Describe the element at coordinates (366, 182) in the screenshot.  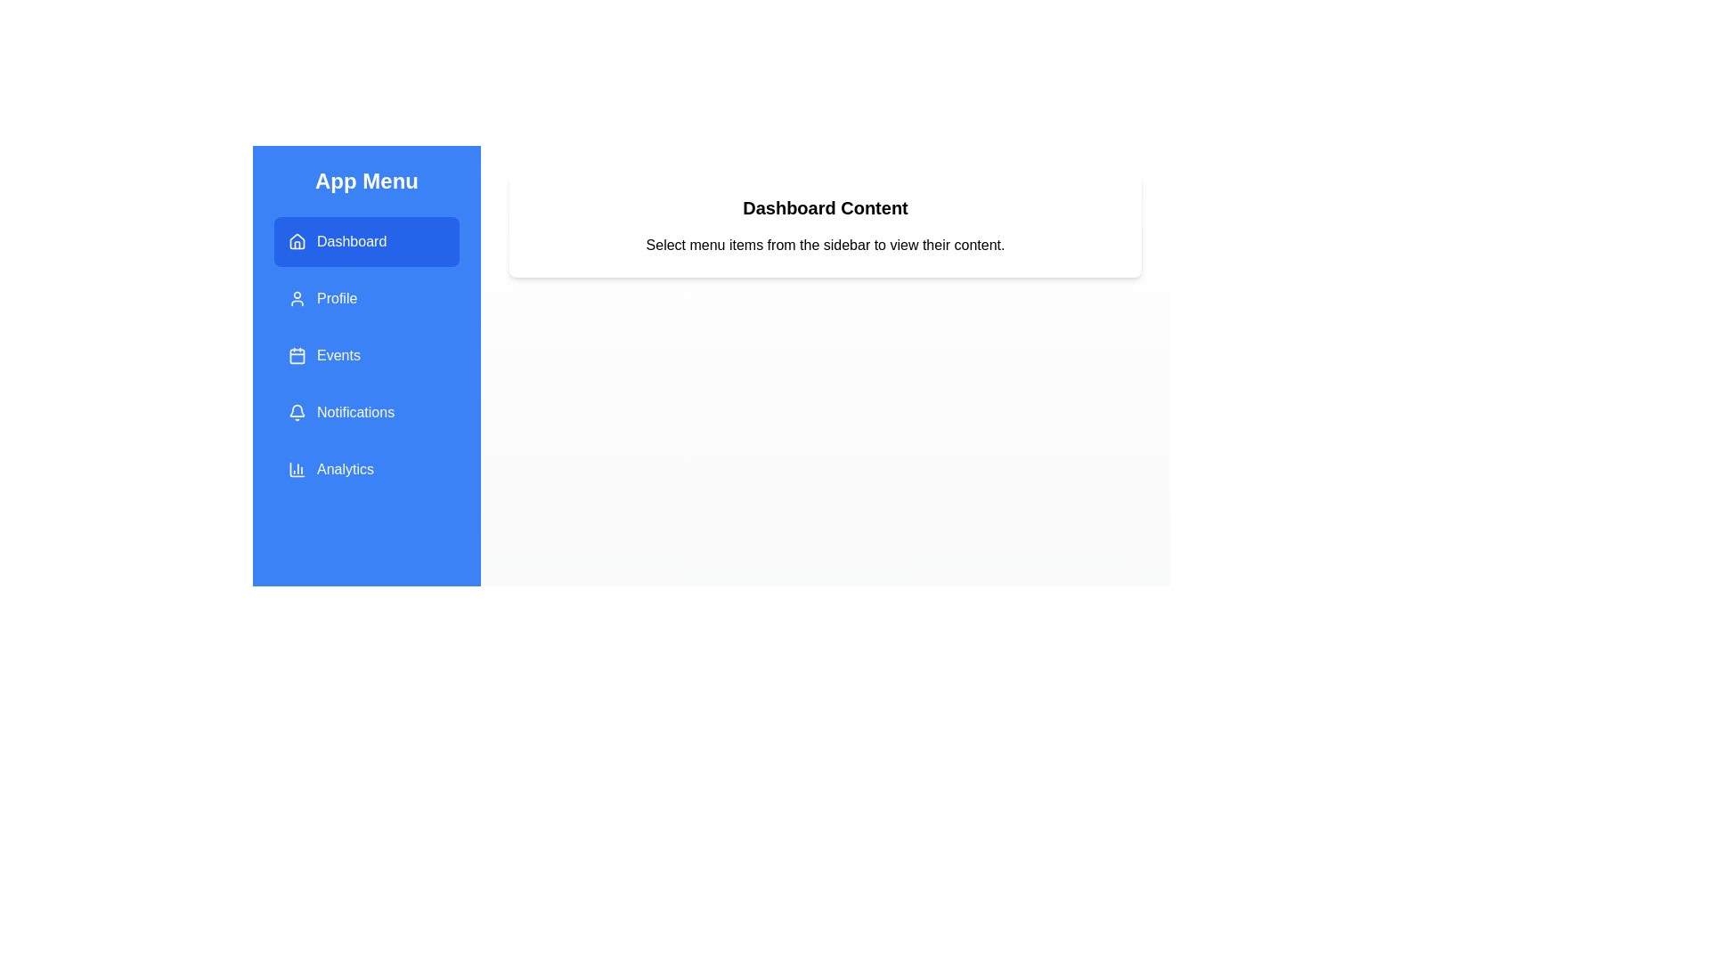
I see `the 'App Menu' title in the sidebar` at that location.